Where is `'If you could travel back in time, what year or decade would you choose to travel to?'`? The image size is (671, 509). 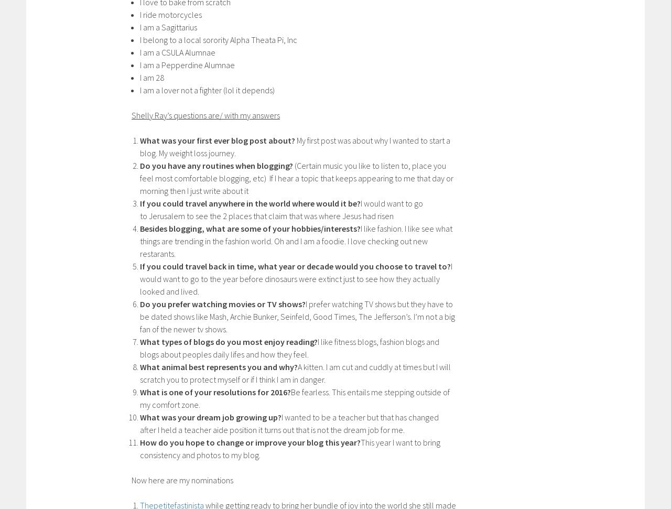 'If you could travel back in time, what year or decade would you choose to travel to?' is located at coordinates (295, 265).